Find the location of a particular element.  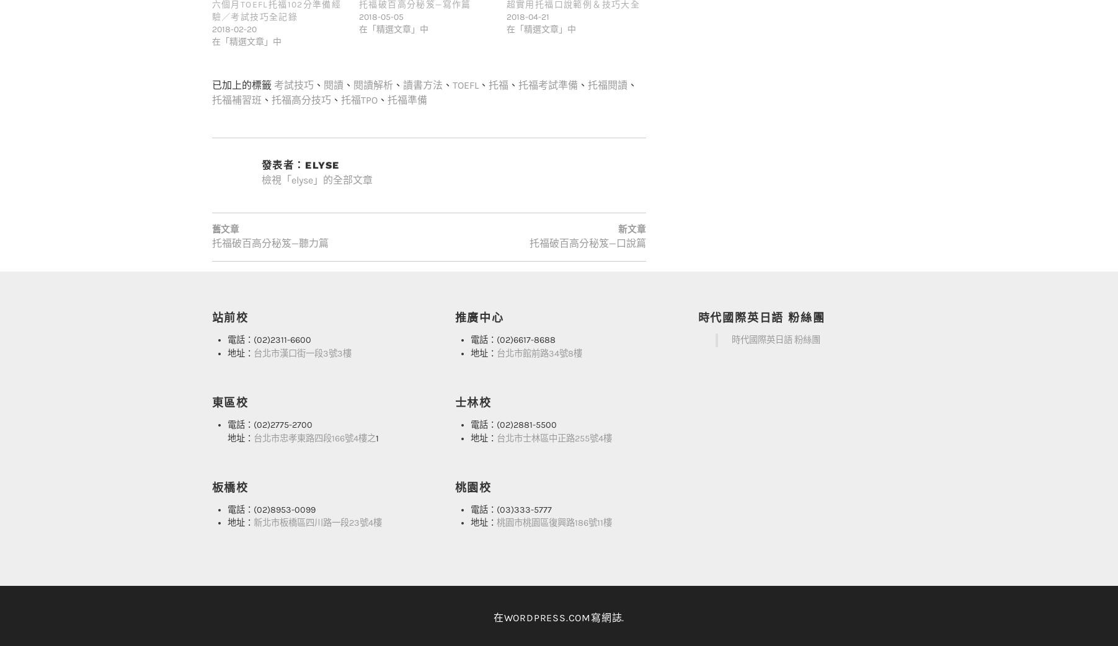

'電話：(02)2881-5500' is located at coordinates (512, 399).